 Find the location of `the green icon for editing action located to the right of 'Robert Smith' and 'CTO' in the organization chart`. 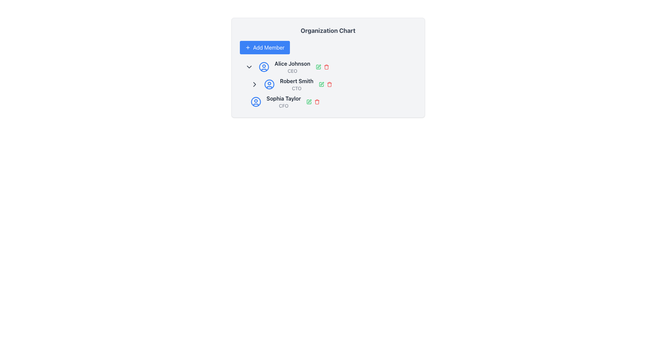

the green icon for editing action located to the right of 'Robert Smith' and 'CTO' in the organization chart is located at coordinates (326, 84).